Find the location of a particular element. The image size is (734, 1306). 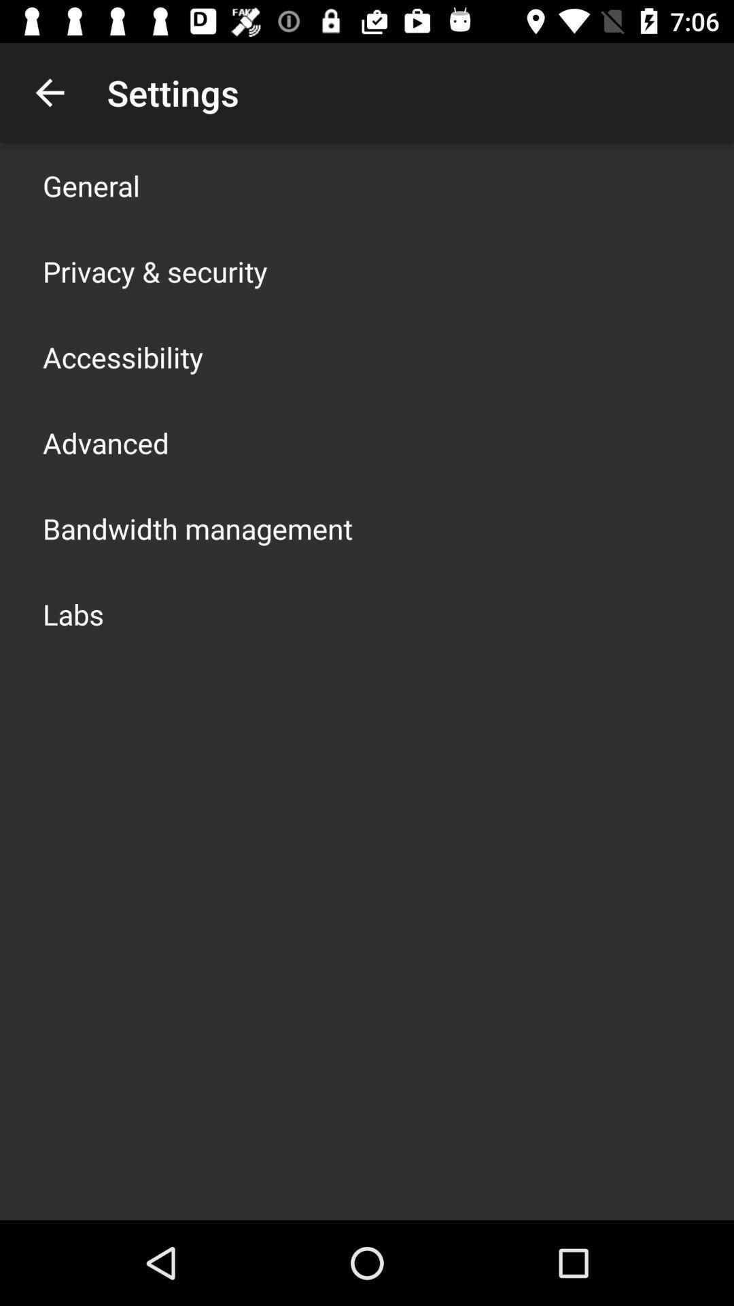

accessibility app is located at coordinates (123, 356).